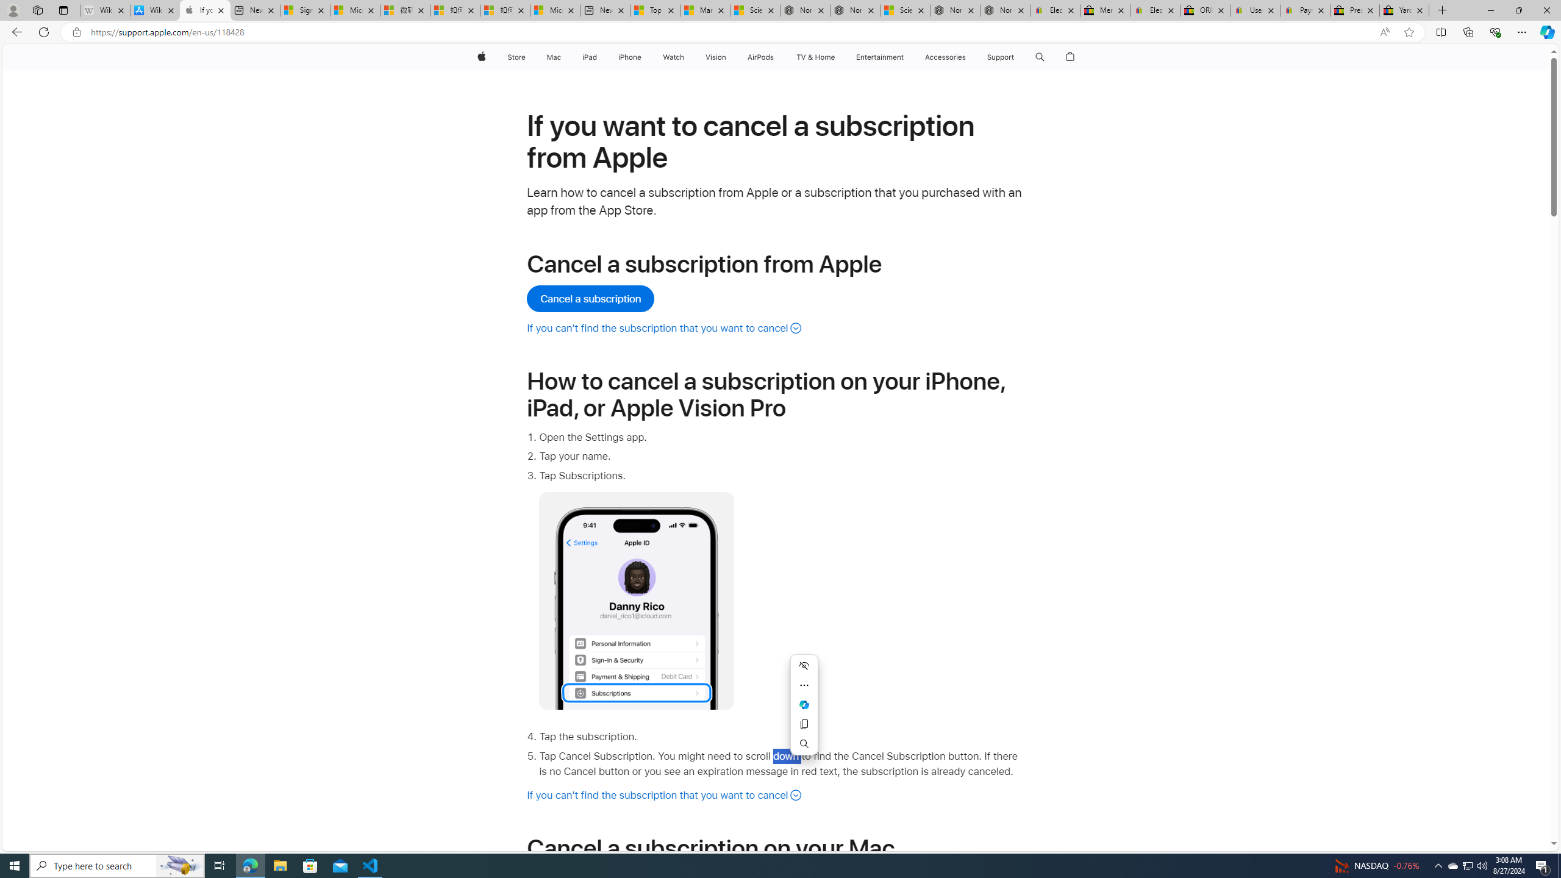 The image size is (1561, 878). I want to click on 'Mac', so click(552, 57).